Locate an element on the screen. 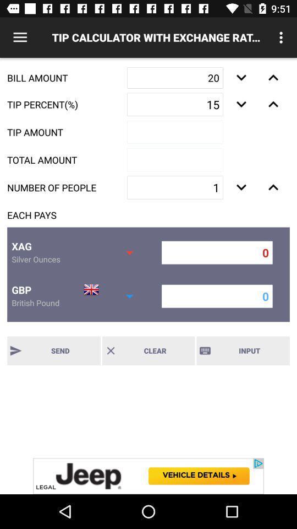 Image resolution: width=297 pixels, height=529 pixels. quantity is located at coordinates (273, 77).